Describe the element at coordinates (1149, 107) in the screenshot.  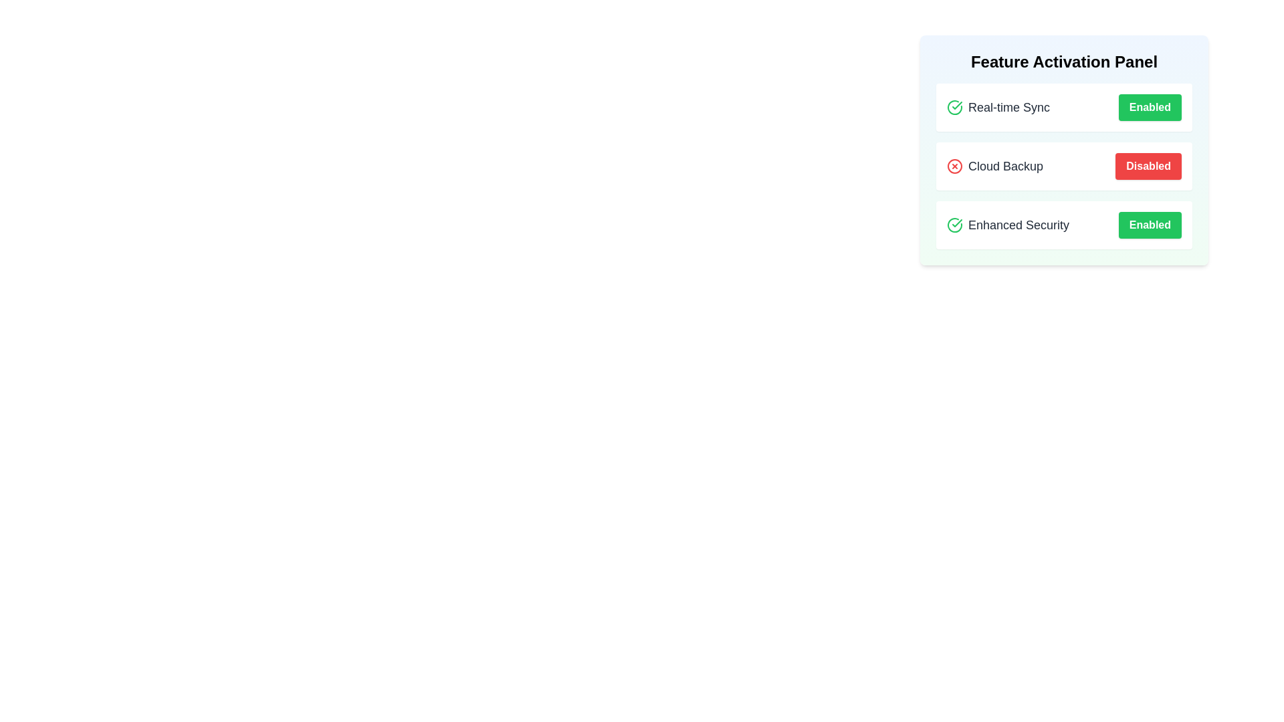
I see `the 'Enabled' button for 'Real-time Sync' to toggle its state` at that location.